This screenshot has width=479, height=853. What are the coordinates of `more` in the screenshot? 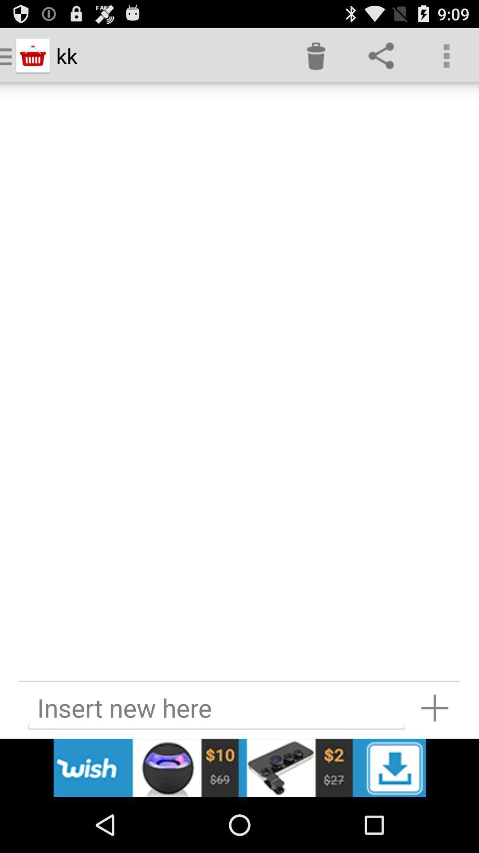 It's located at (434, 707).